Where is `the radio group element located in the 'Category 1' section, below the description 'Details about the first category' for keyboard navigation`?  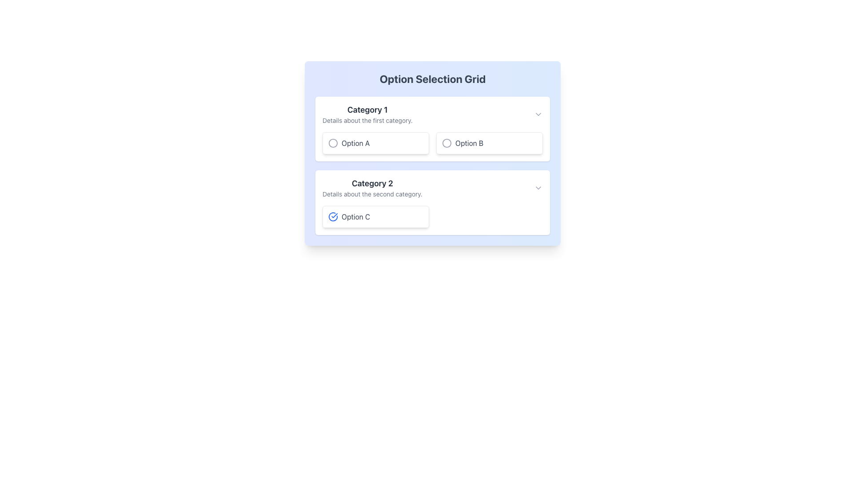
the radio group element located in the 'Category 1' section, below the description 'Details about the first category' for keyboard navigation is located at coordinates (433, 143).